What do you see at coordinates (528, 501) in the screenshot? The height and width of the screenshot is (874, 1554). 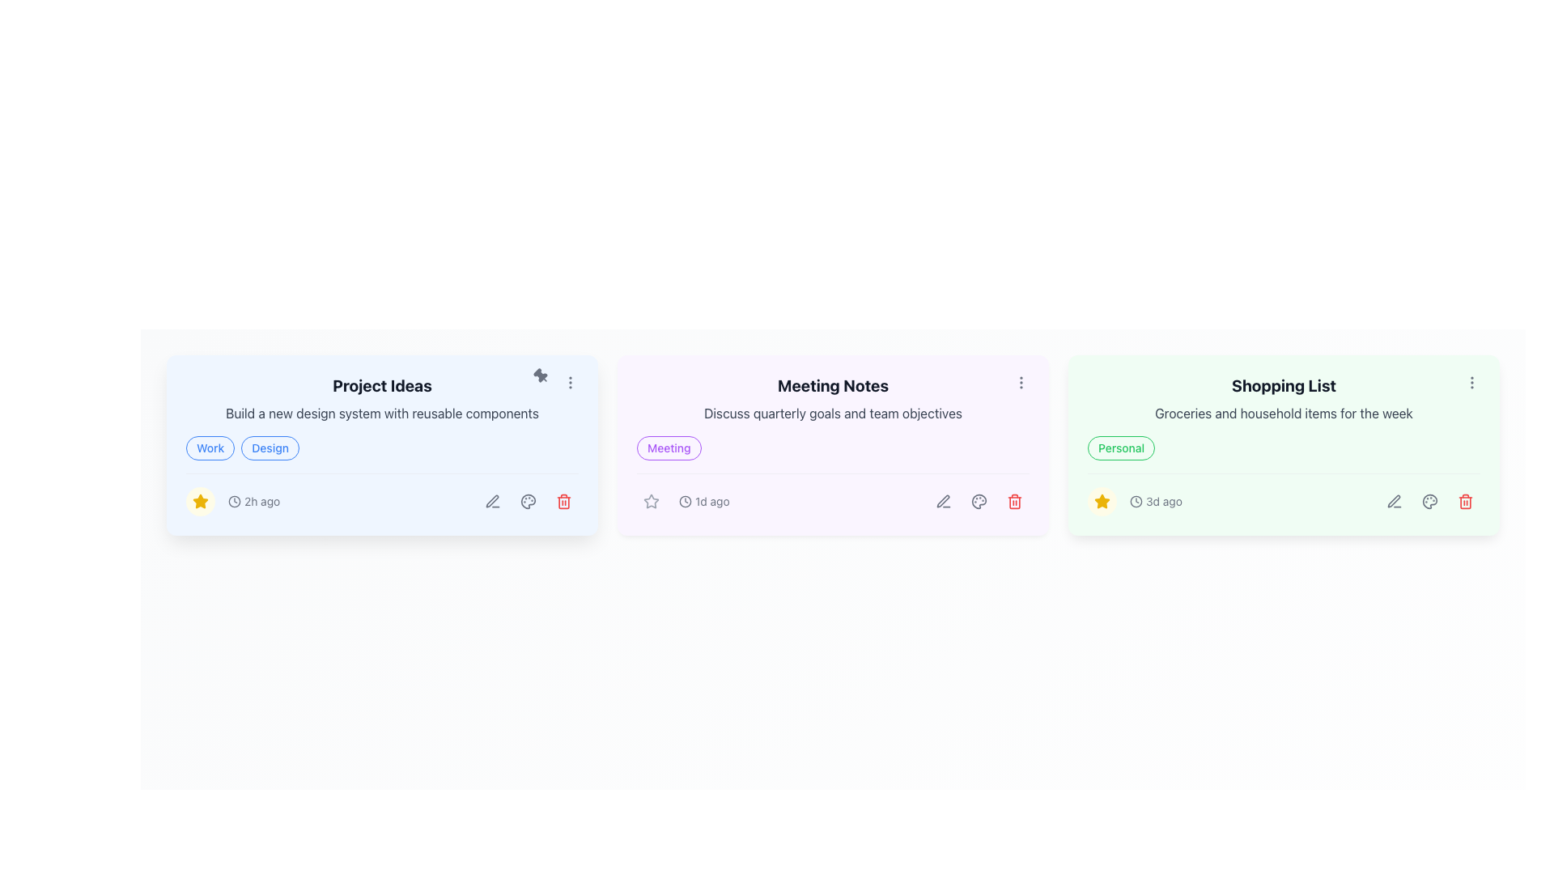 I see `the color palette icon located within the action button group at the lower section of the 'Project Ideas' card` at bounding box center [528, 501].